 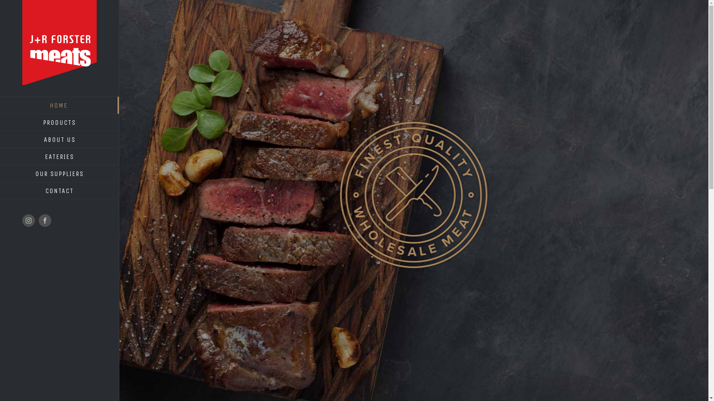 I want to click on 'Instagram', so click(x=22, y=220).